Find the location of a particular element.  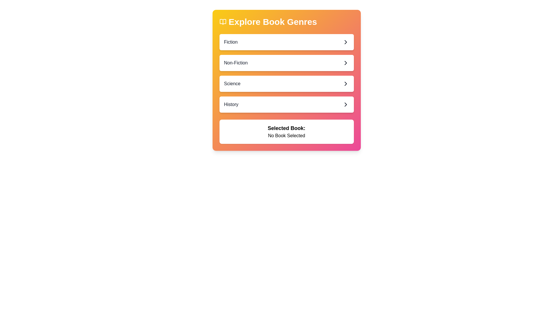

the text display box that shows 'Selected Book:' and 'No Book Selected', which is located at the bottom of the main interface section is located at coordinates (286, 131).